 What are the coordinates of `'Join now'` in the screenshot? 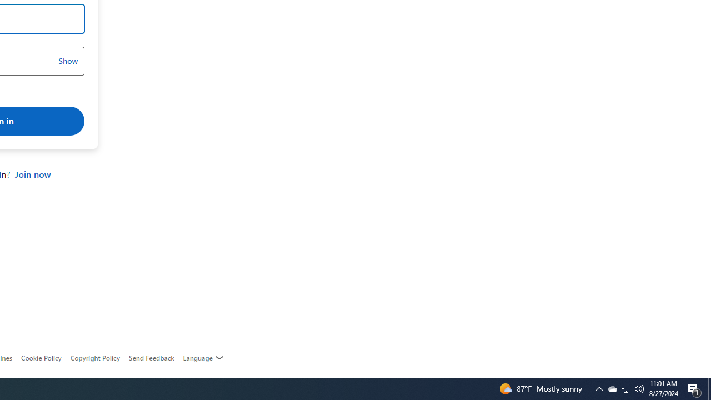 It's located at (32, 174).